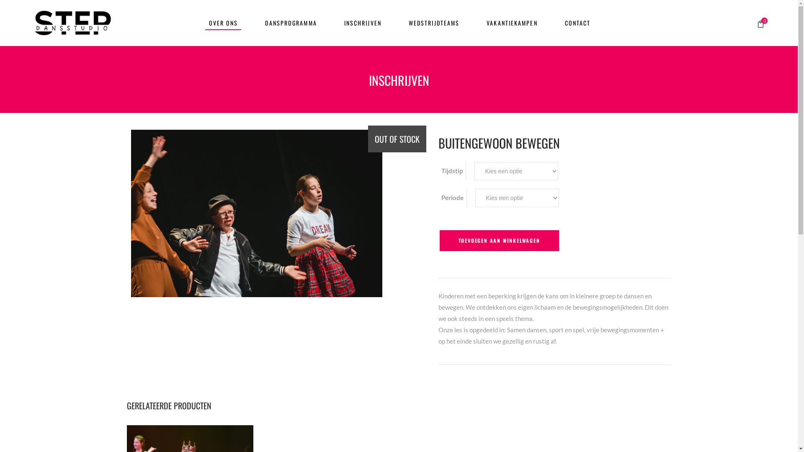  What do you see at coordinates (434, 22) in the screenshot?
I see `'WEDSTRIJDTEAMS'` at bounding box center [434, 22].